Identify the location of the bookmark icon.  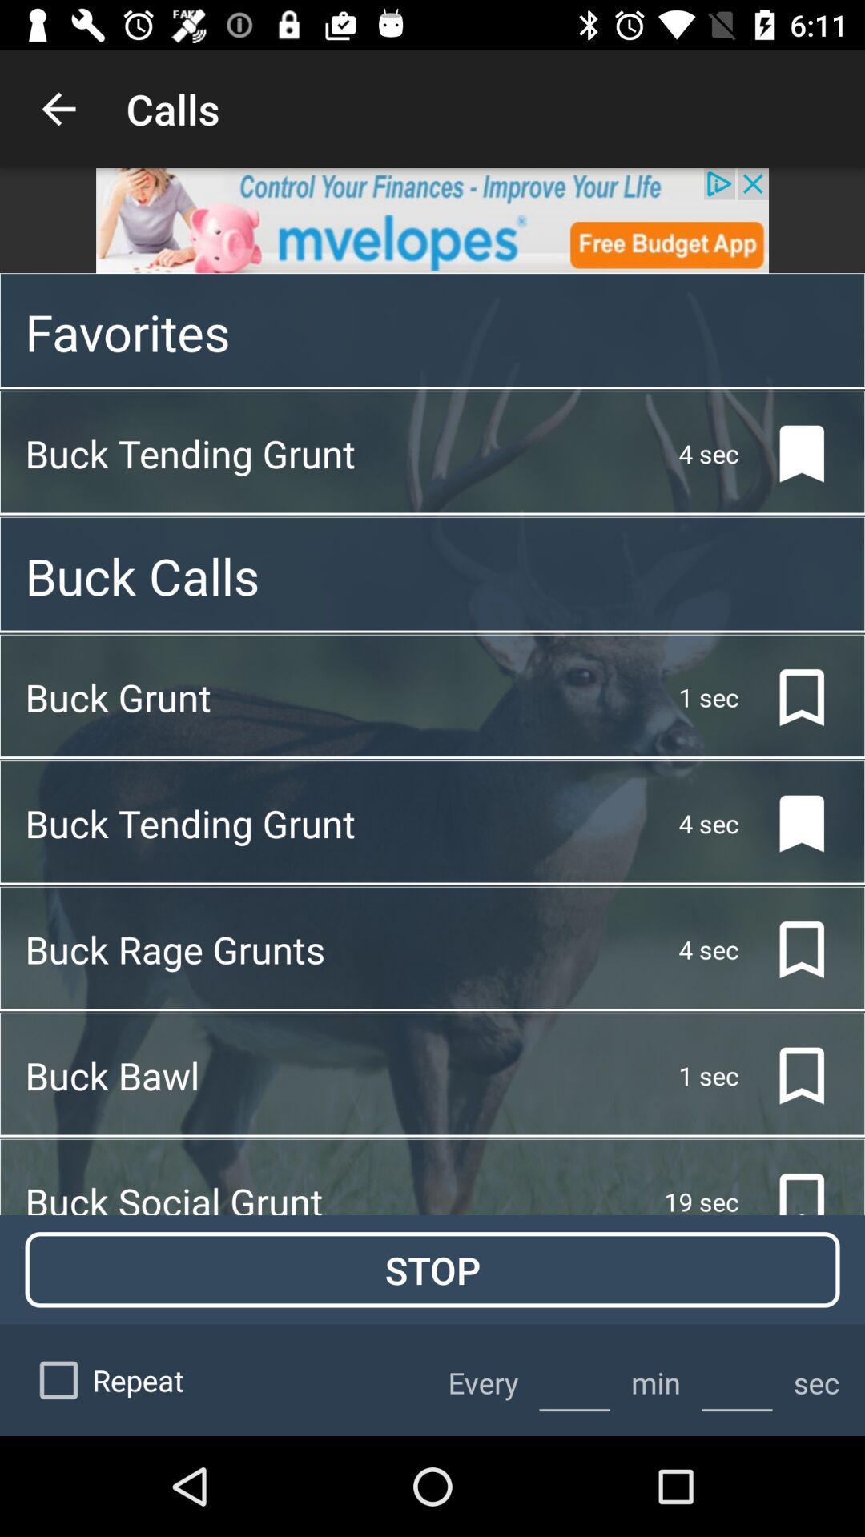
(788, 452).